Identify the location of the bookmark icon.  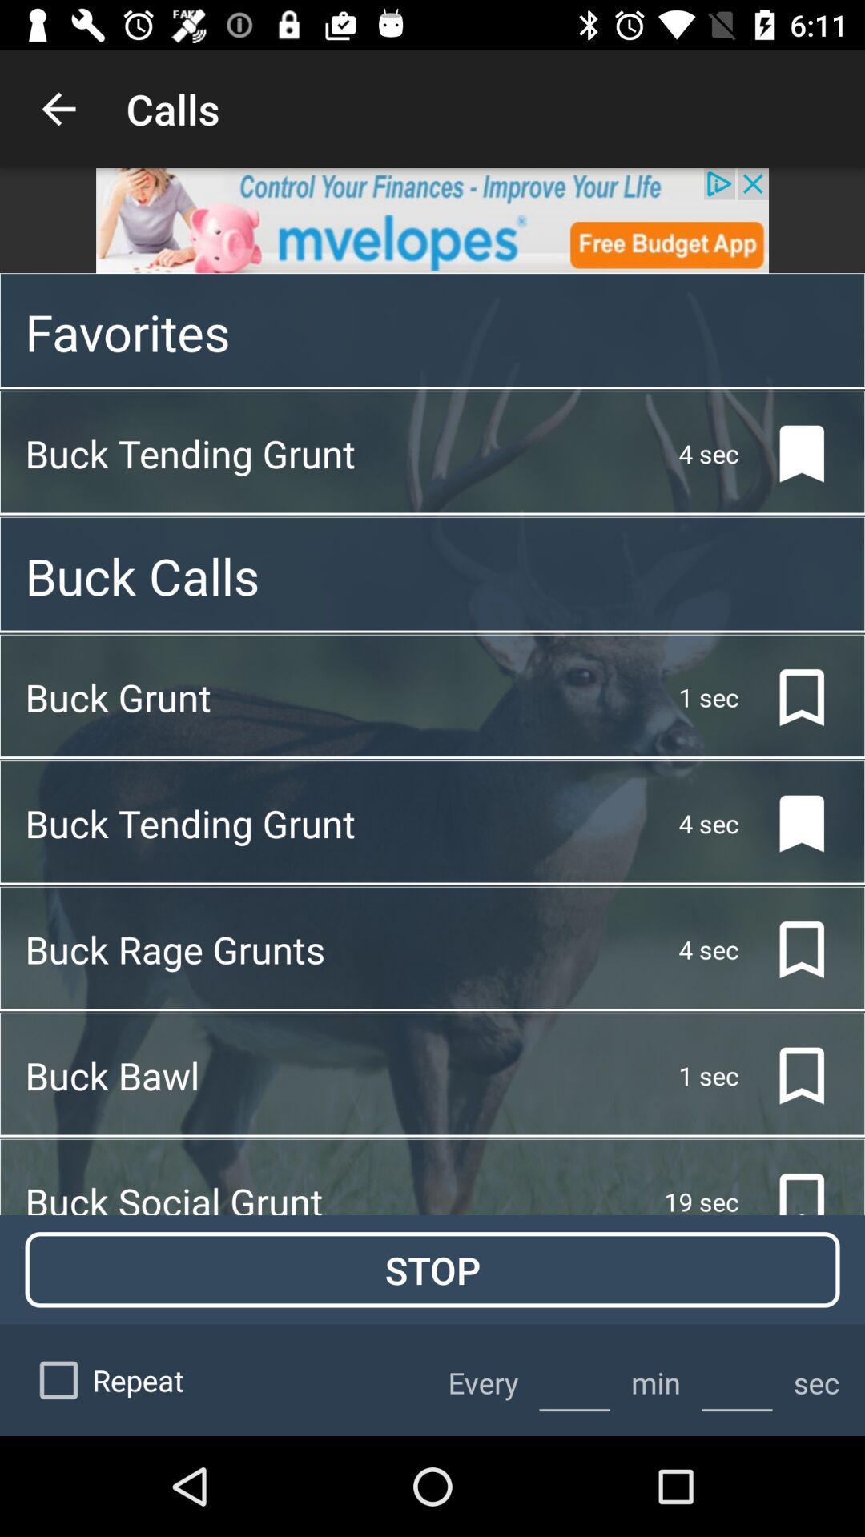
(788, 452).